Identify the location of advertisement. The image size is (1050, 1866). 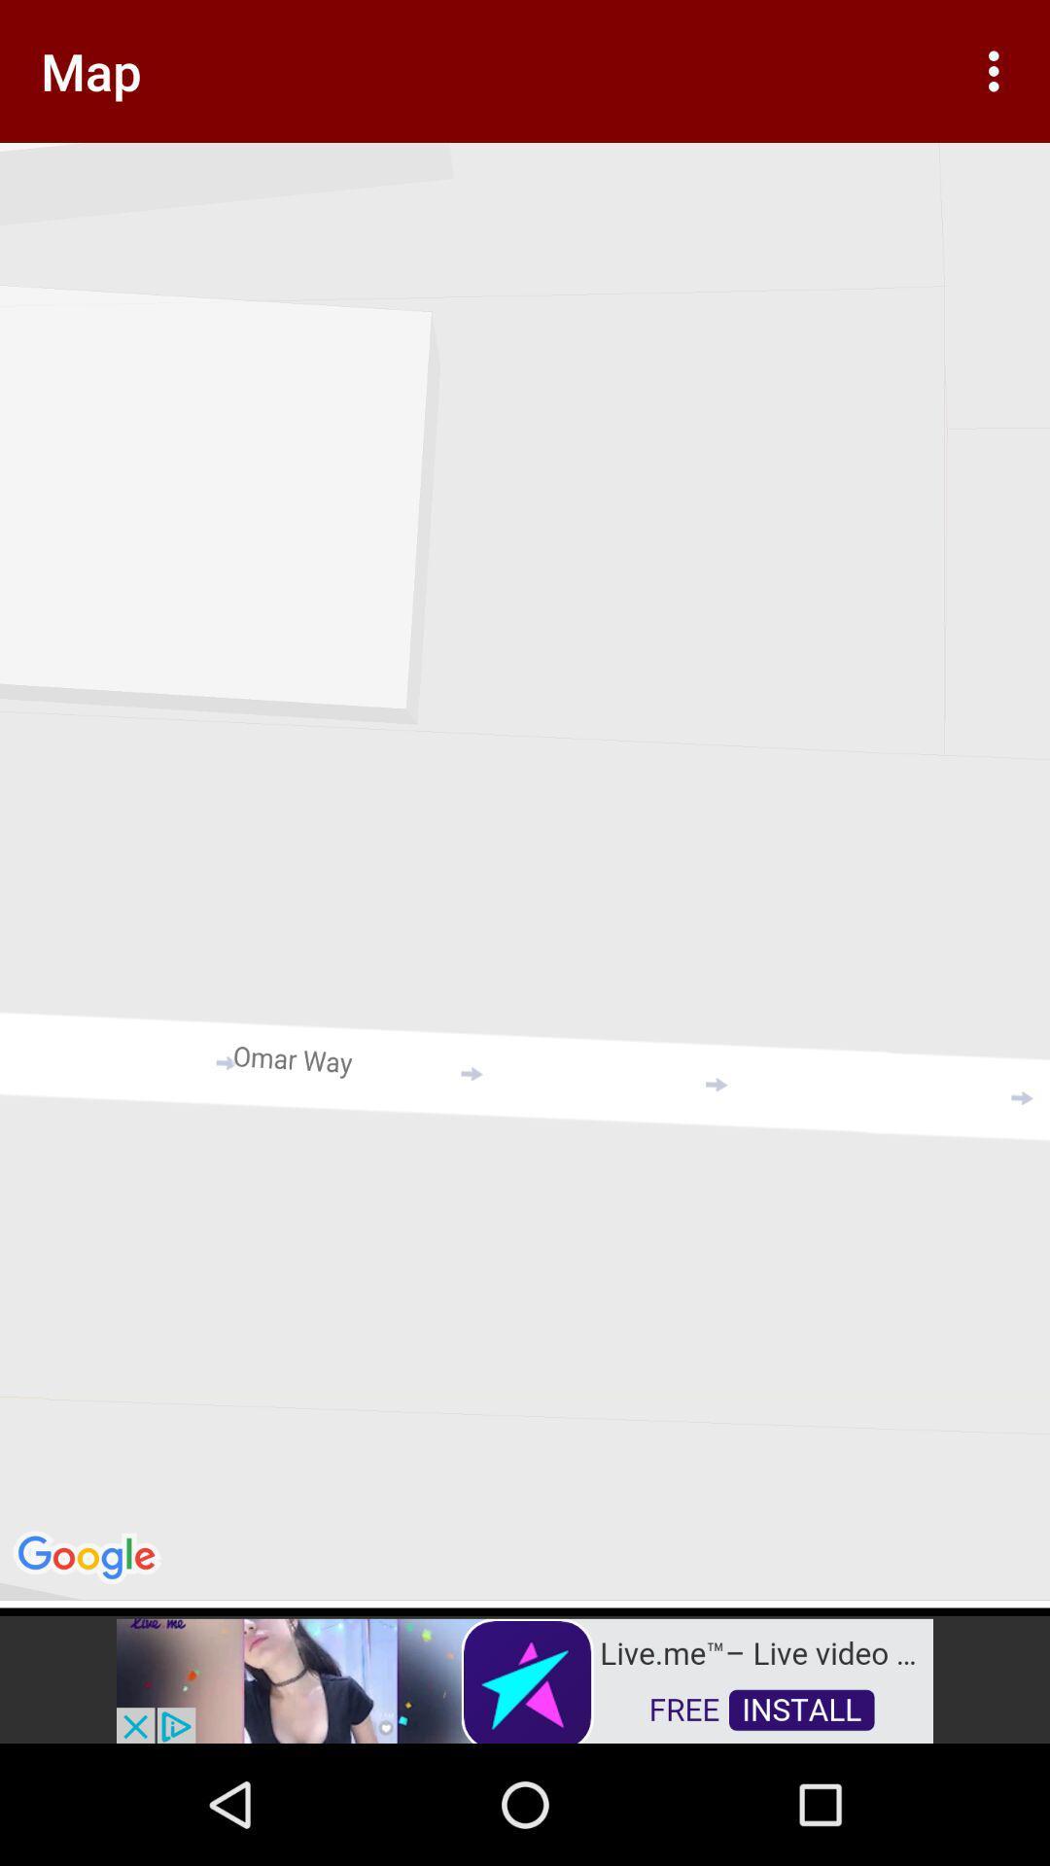
(525, 1678).